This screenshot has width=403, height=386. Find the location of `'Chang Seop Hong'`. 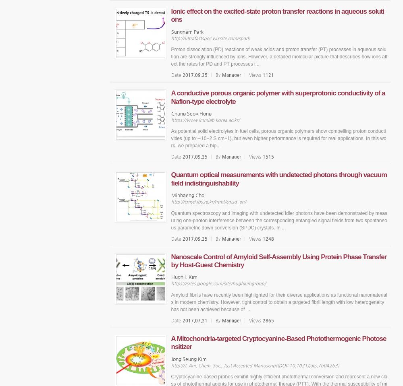

'Chang Seop Hong' is located at coordinates (191, 112).